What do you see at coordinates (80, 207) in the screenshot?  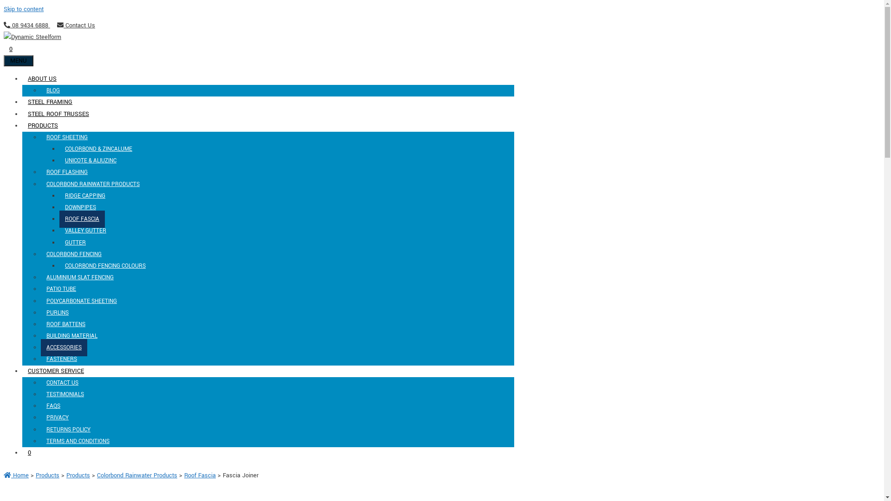 I see `'DOWNPIPES'` at bounding box center [80, 207].